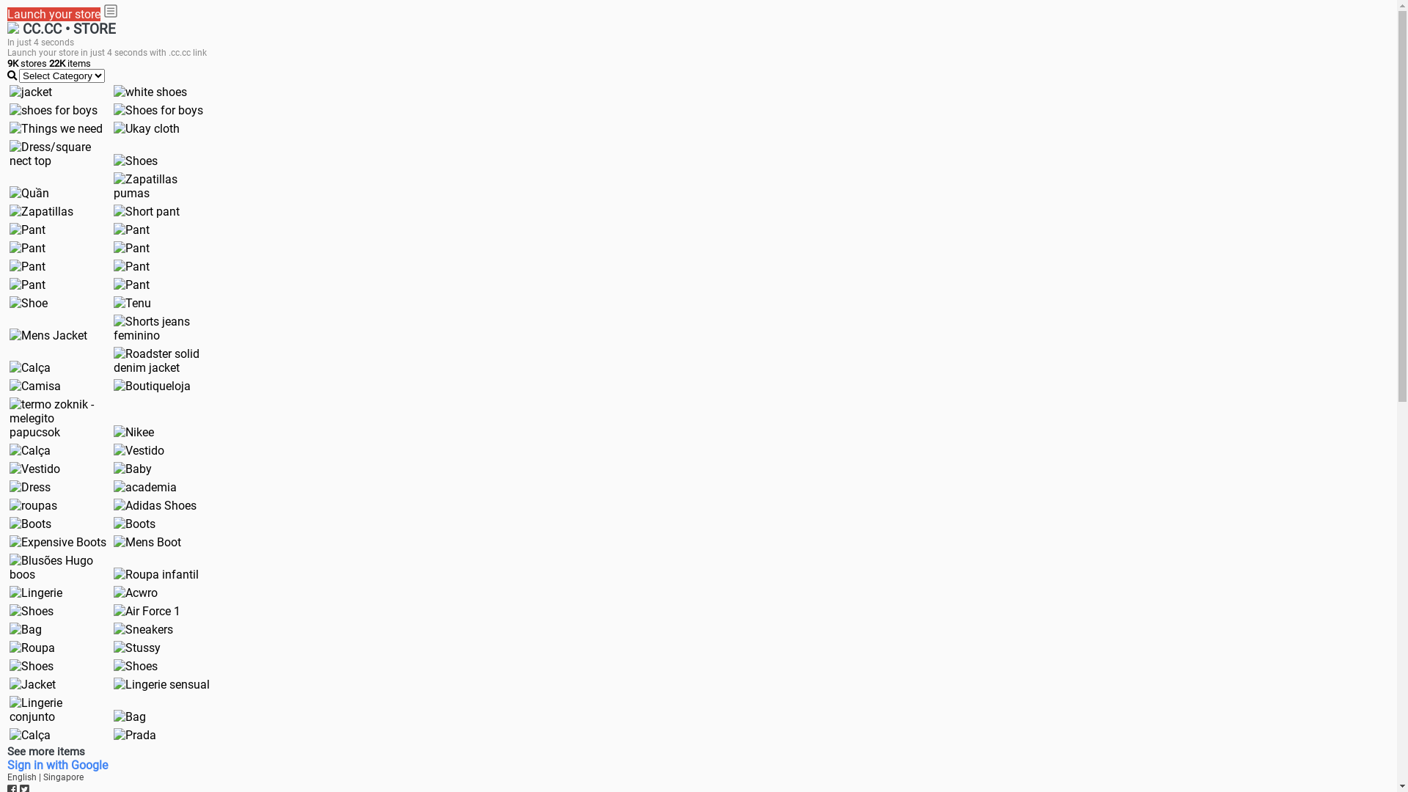  What do you see at coordinates (32, 611) in the screenshot?
I see `'Shoes'` at bounding box center [32, 611].